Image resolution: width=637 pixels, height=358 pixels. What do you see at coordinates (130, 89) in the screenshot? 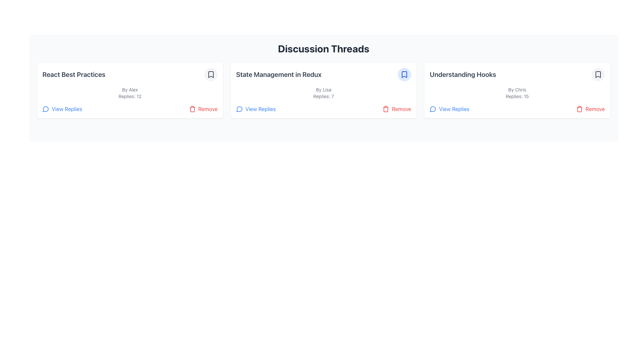
I see `the text label 'By Alex' which is styled with a small, light gray font, located under the header 'React Best Practices' and above the 'Replies: 12' section in the first discussion card` at bounding box center [130, 89].